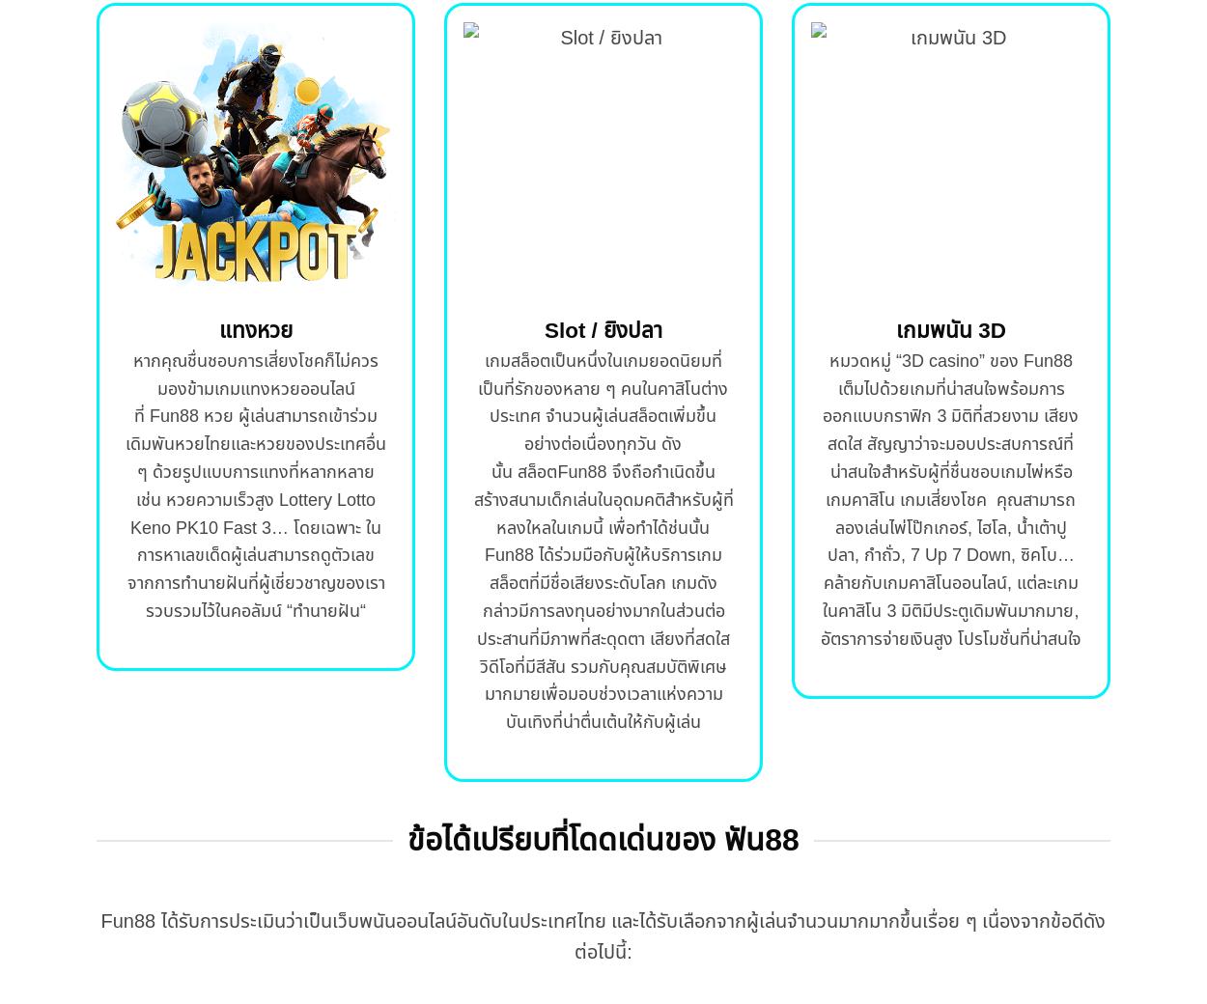 The width and height of the screenshot is (1207, 1004). Describe the element at coordinates (472, 595) in the screenshot. I see `'จึงถือกำเนิดขึ้น สร้างสนามเด็กเล่นในอุดมคติสำหรับผู้ที่หลงใหลในเกมนี้ เพื่อทำได้ช่นนั้น Fun88 ได้ร่วมมือกับผู้ให้บริการเกมสล็อตที่มีชื่อเสียงระดับโลก เกมดังกล่าวมีการลงทุนอย่างมากในส่วนต่อประสานที่มีภาพที่สะดุดตา เสียงที่สดใส วิดีโอที่มีสีสัน รวมกับคุณสมบัติพิเศษมากมายเพื่อมอบช่วงเวลาแห่งความบันเทิงที่น่าตื่นเต้นให้กับผู้เล่น'` at that location.